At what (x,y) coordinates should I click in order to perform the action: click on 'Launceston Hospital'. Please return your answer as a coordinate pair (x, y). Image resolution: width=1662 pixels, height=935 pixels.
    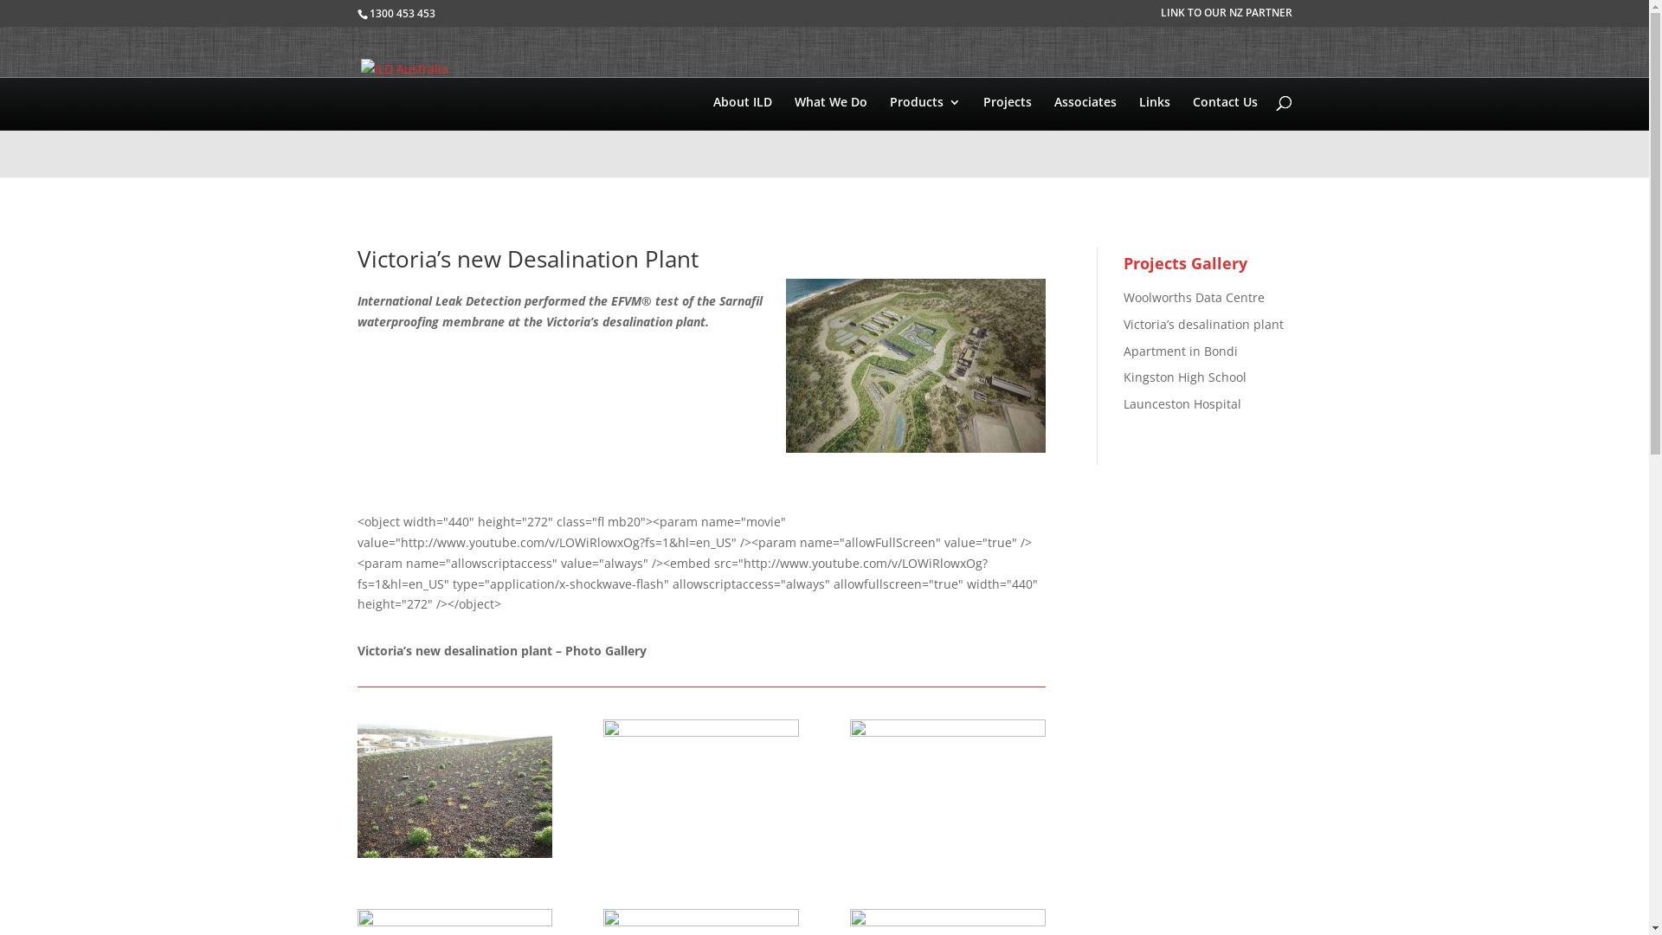
    Looking at the image, I should click on (1182, 403).